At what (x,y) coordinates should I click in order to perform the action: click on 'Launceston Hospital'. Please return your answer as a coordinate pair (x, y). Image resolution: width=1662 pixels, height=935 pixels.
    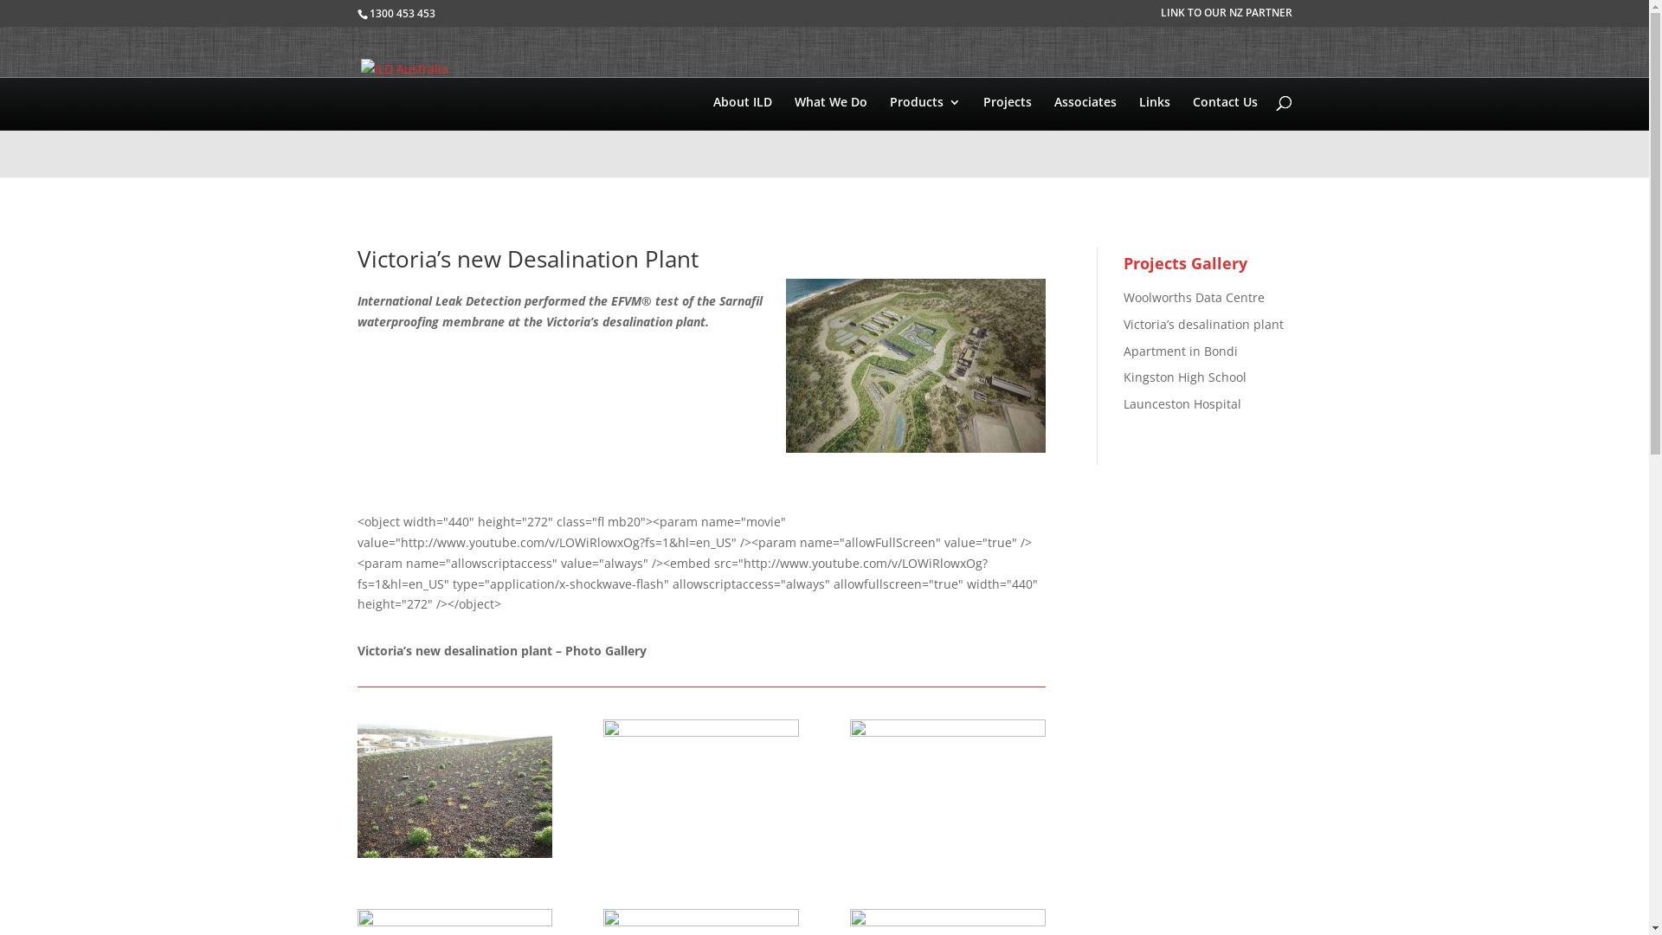
    Looking at the image, I should click on (1182, 403).